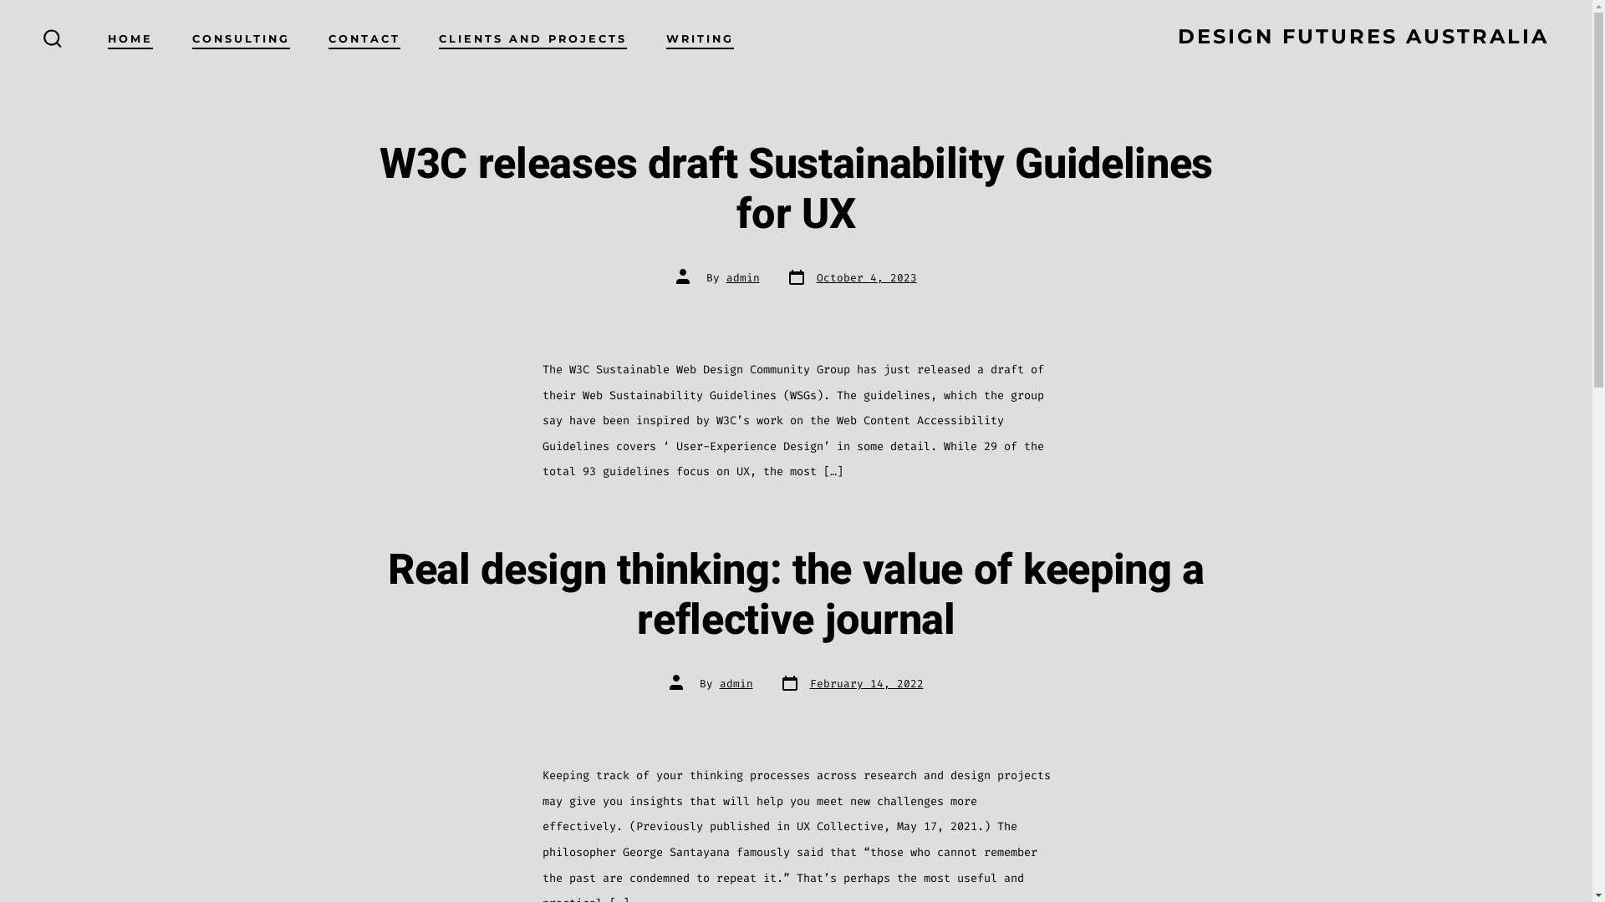 The image size is (1605, 902). Describe the element at coordinates (1363, 38) in the screenshot. I see `'DESIGN FUTURES AUSTRALIA'` at that location.